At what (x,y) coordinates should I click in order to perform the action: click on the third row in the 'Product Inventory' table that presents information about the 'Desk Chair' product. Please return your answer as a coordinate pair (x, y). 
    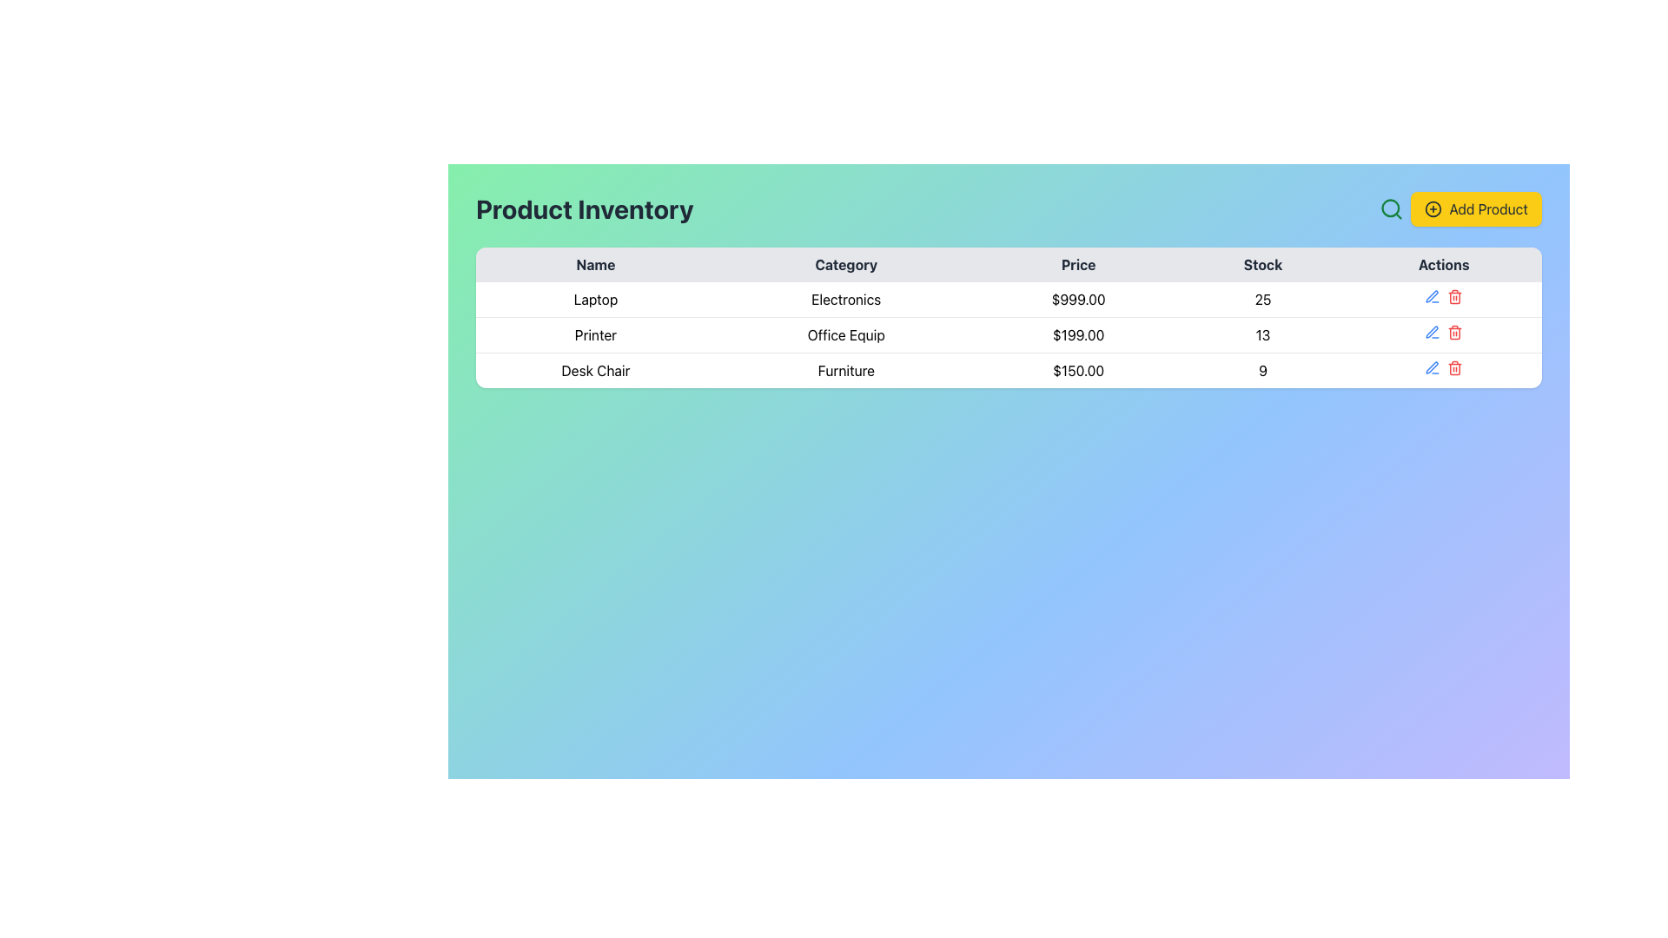
    Looking at the image, I should click on (1009, 369).